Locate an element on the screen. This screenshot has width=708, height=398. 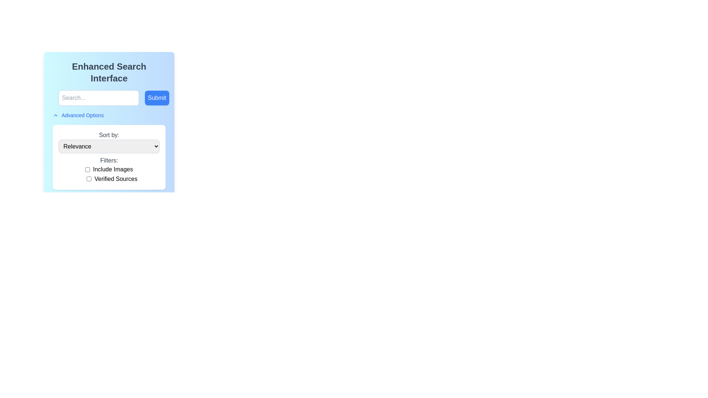
text content of the label 'Verified Sources' located in the Filters section, adjacent to the corresponding checkbox is located at coordinates (115, 179).